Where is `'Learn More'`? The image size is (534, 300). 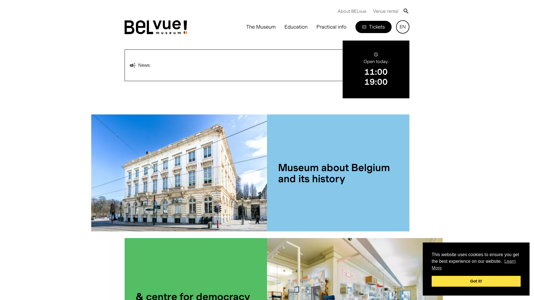 'Learn More' is located at coordinates (473, 264).